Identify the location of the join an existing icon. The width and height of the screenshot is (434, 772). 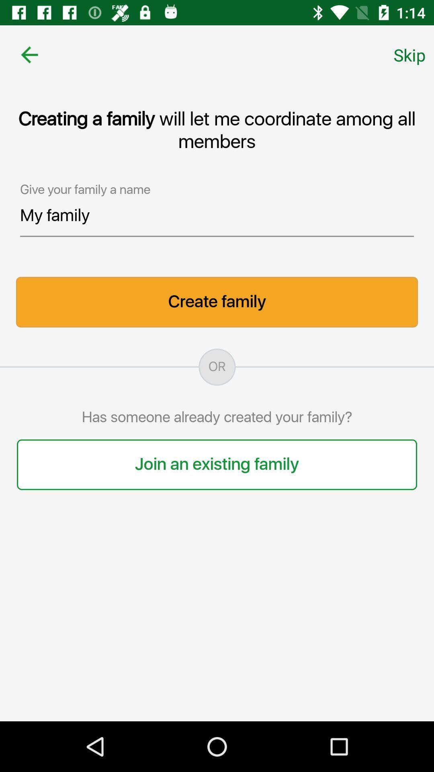
(217, 464).